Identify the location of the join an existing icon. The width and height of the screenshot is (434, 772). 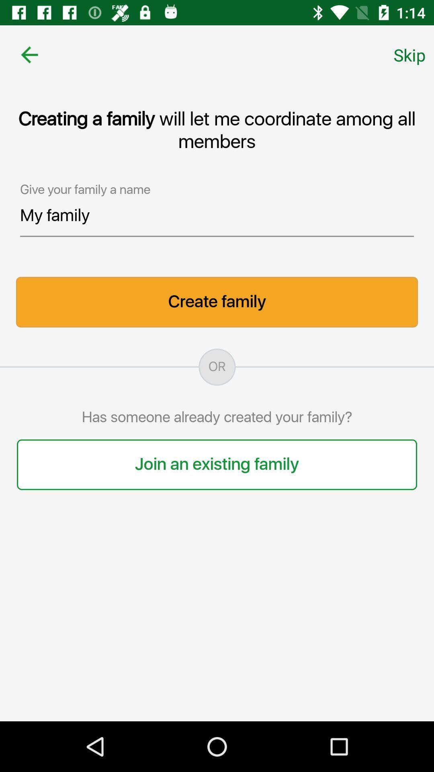
(217, 464).